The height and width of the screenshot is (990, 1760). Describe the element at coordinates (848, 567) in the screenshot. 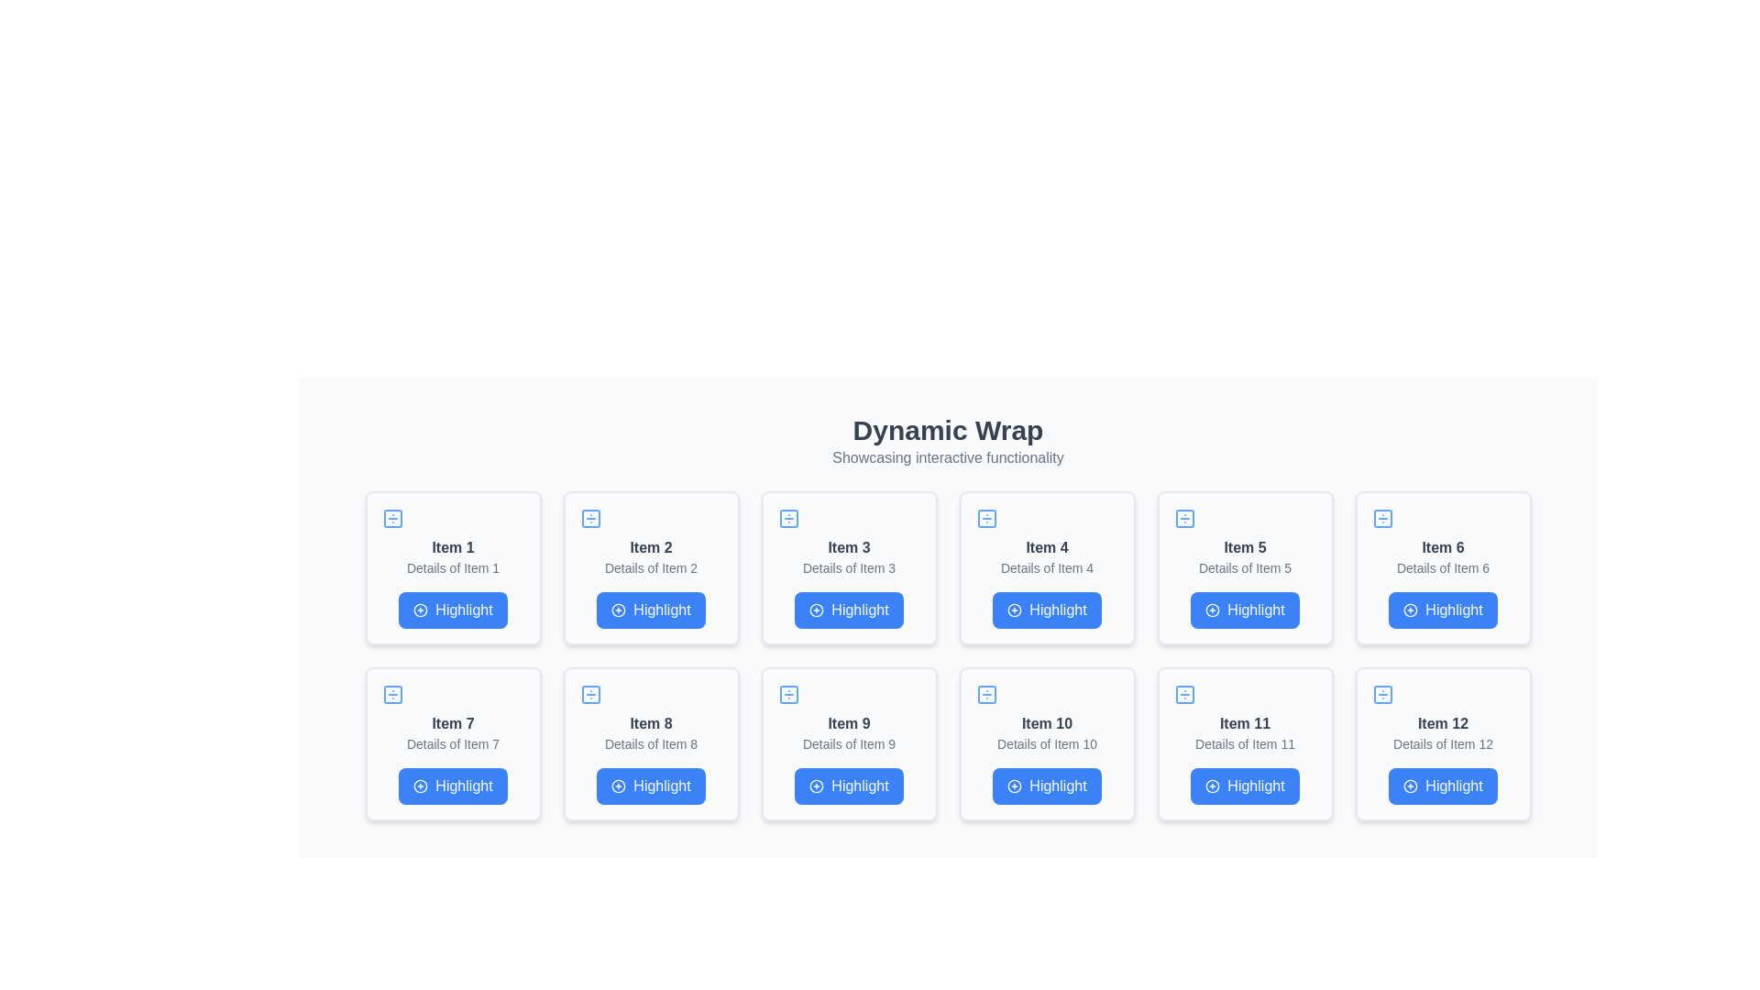

I see `informational text label located below the title 'Item 3' and above the 'Highlight' button` at that location.